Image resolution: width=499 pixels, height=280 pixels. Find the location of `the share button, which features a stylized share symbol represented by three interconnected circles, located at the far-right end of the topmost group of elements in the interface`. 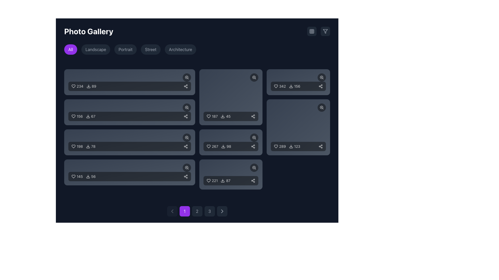

the share button, which features a stylized share symbol represented by three interconnected circles, located at the far-right end of the topmost group of elements in the interface is located at coordinates (186, 86).